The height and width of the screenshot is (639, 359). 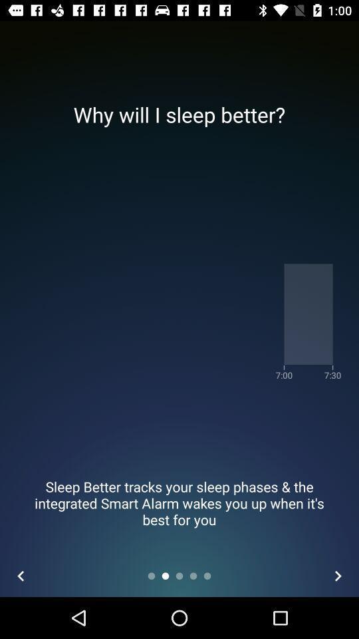 What do you see at coordinates (20, 575) in the screenshot?
I see `the arrow_backward icon` at bounding box center [20, 575].